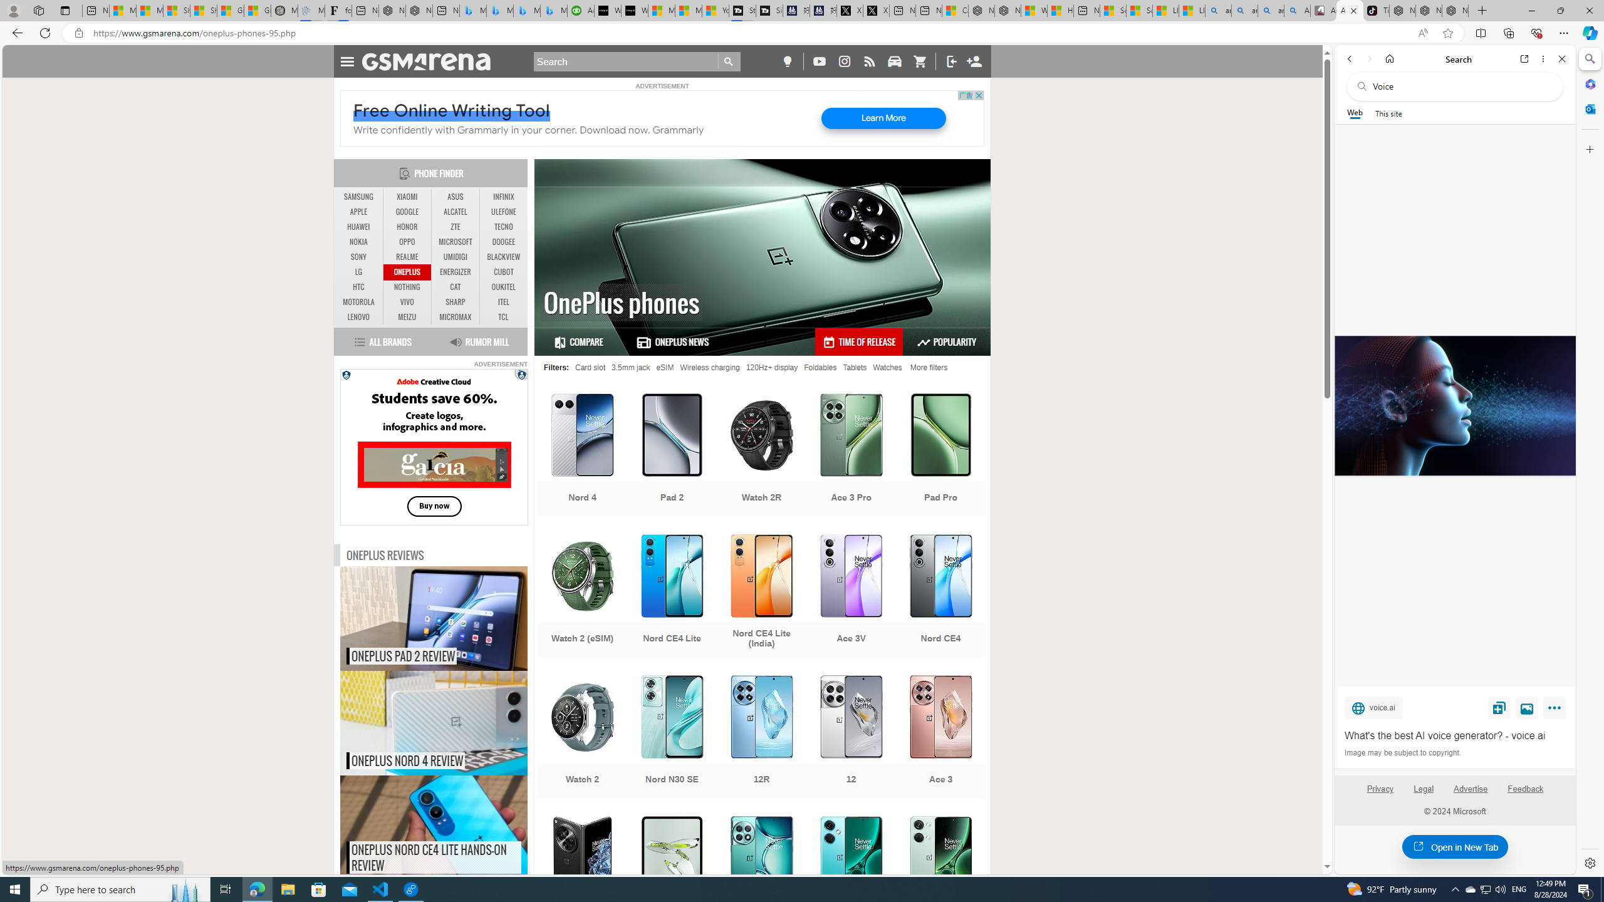 The width and height of the screenshot is (1604, 902). I want to click on 'Ace 3', so click(940, 737).